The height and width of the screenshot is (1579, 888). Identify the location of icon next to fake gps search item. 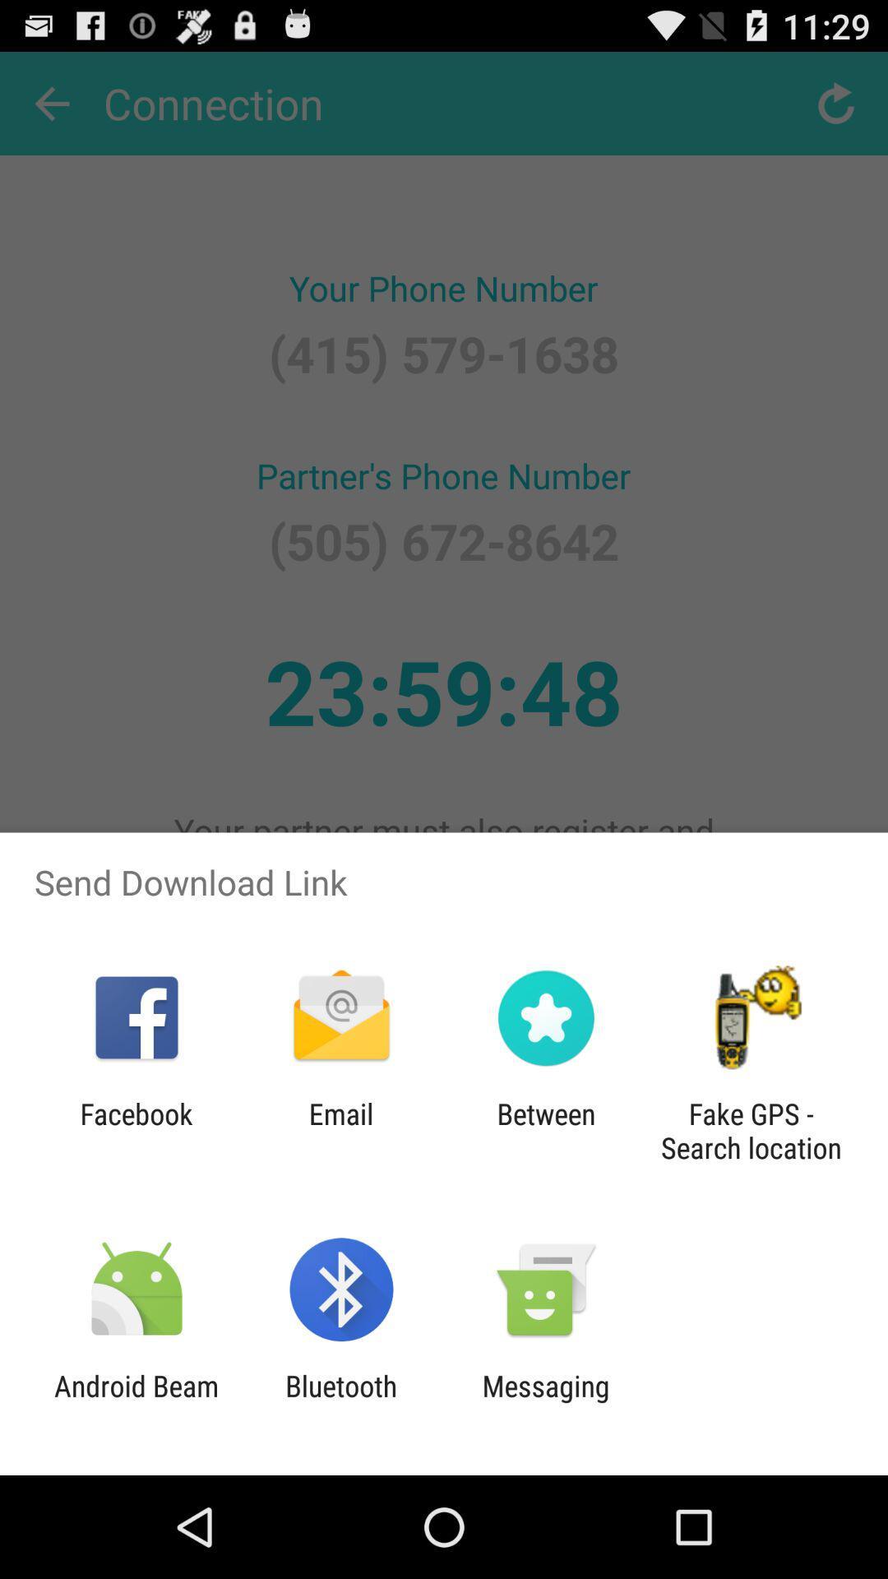
(546, 1130).